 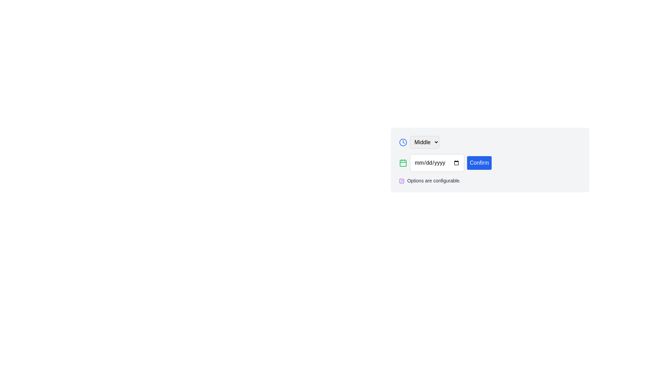 I want to click on the 'Confirm' button, which has a blue background and white text, located in a form layout adjacent to a date input field, so click(x=490, y=171).